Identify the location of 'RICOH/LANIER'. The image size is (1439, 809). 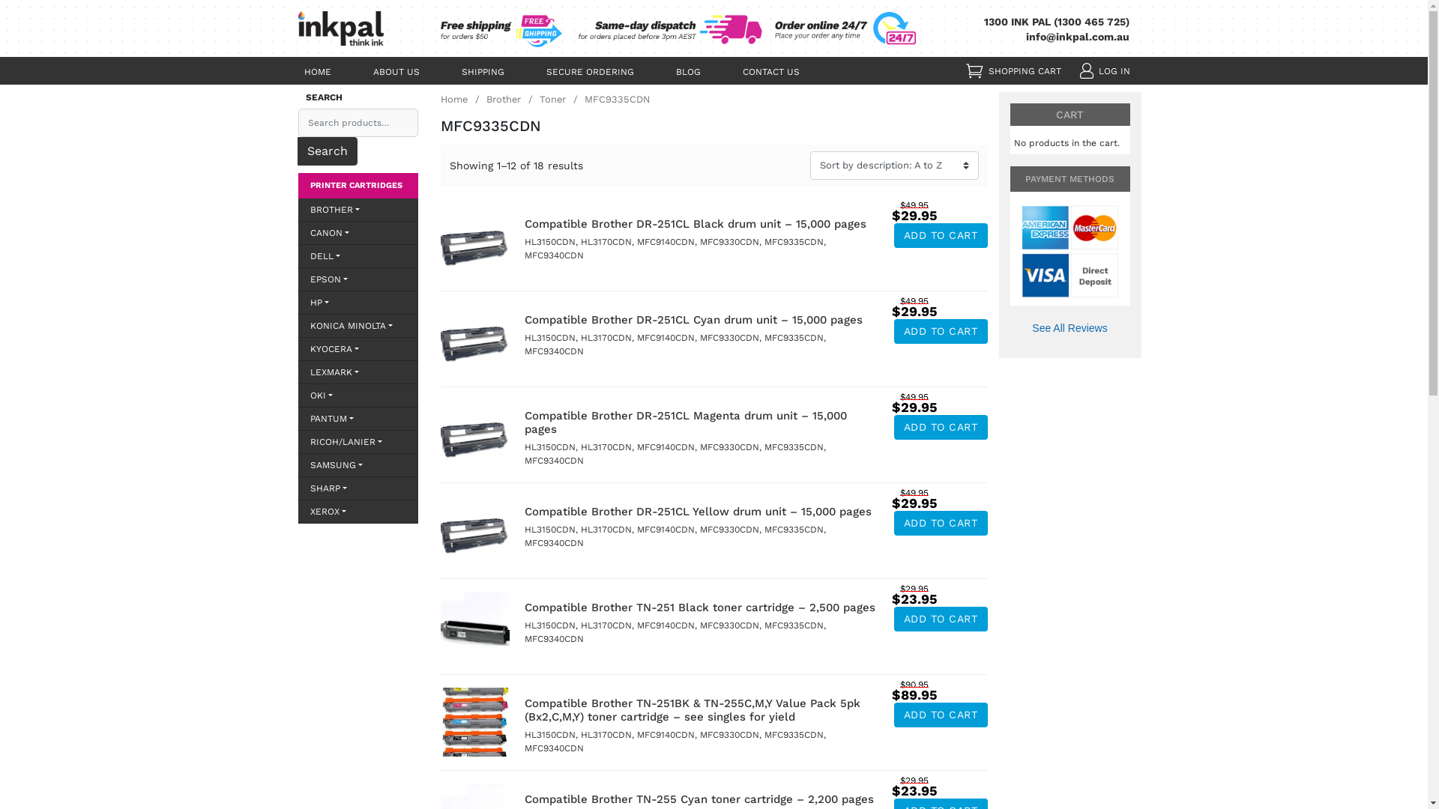
(298, 441).